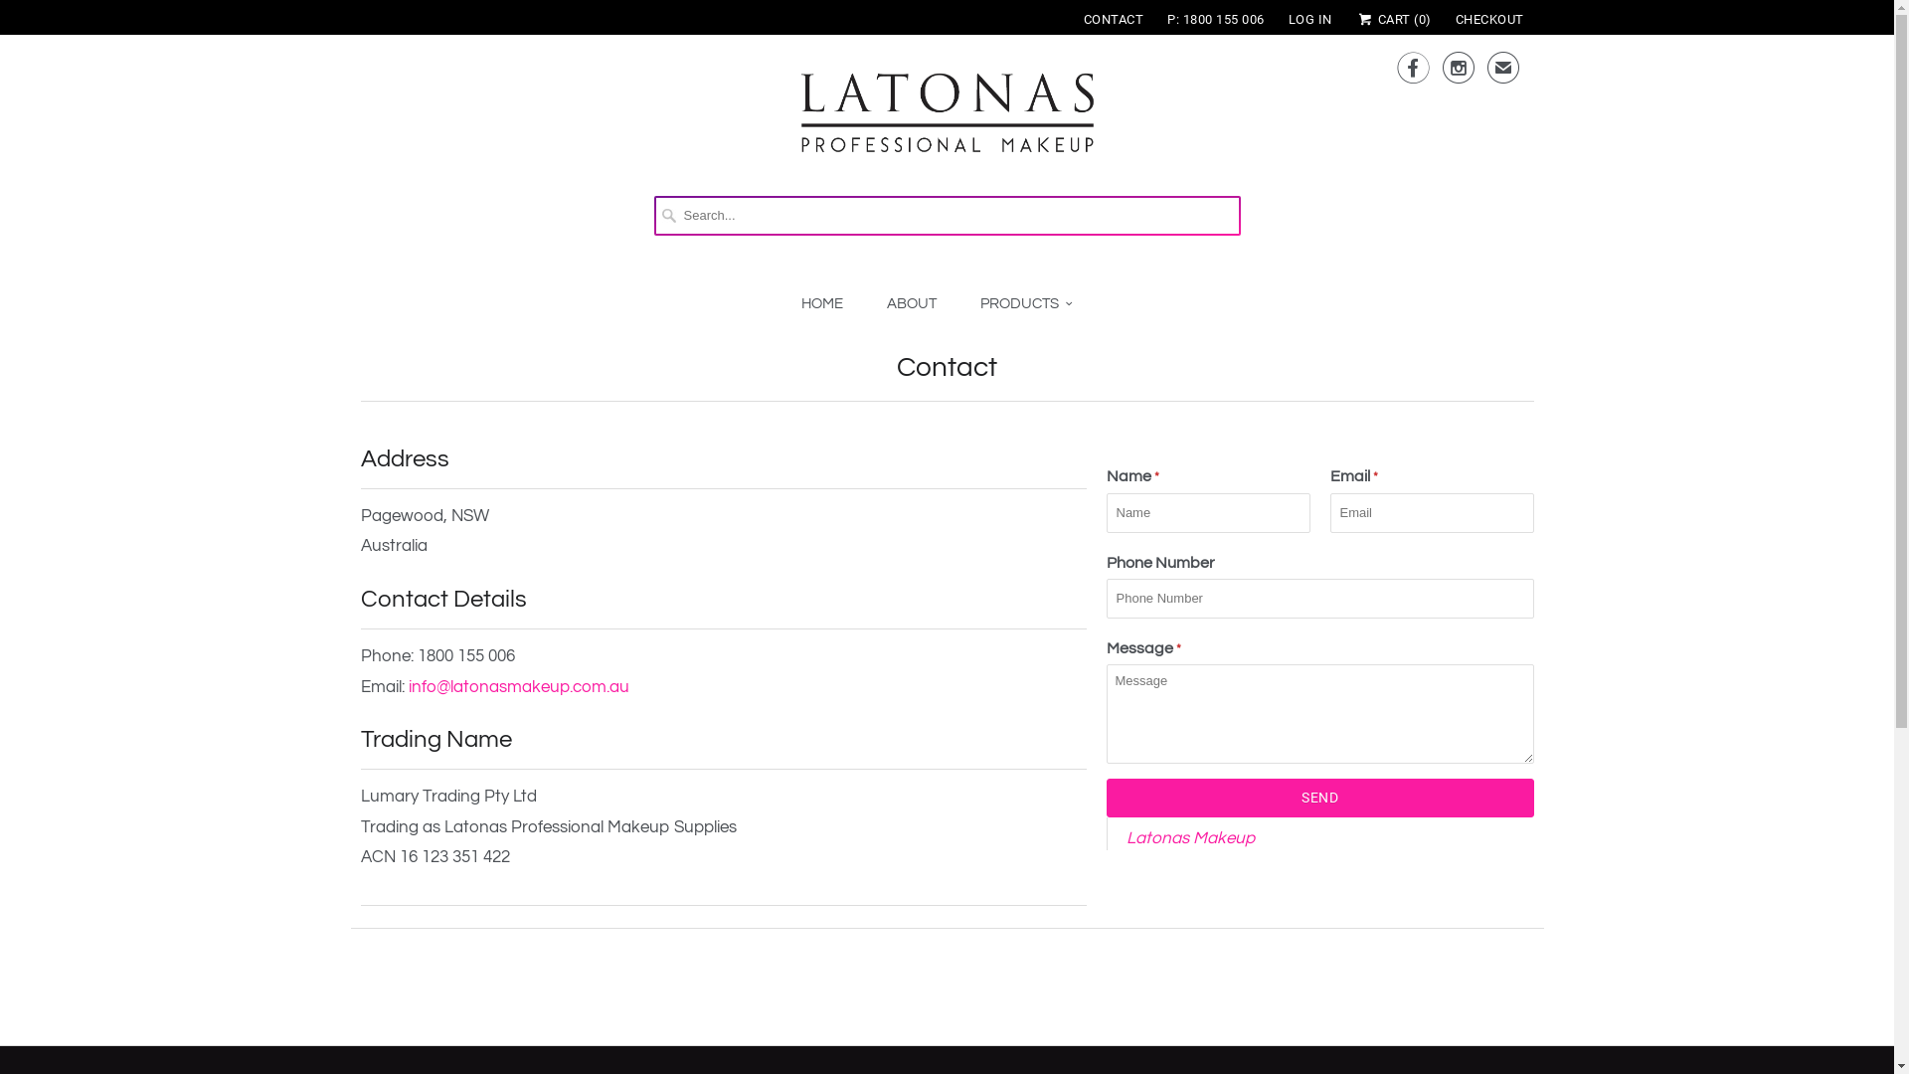 The width and height of the screenshot is (1909, 1074). What do you see at coordinates (1114, 19) in the screenshot?
I see `'CONTACT'` at bounding box center [1114, 19].